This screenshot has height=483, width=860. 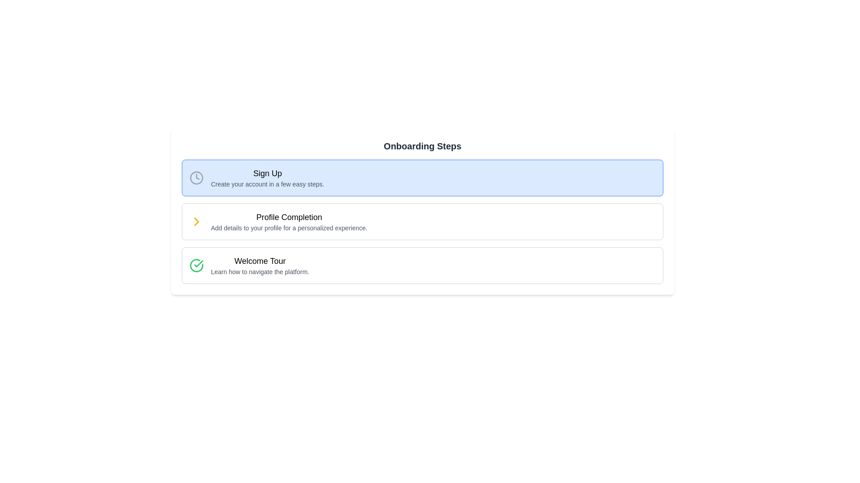 What do you see at coordinates (267, 174) in the screenshot?
I see `the TextLabel that serves as a section header for the multi-step onboarding process, located in the upper-left portion of its bordered rectangular section` at bounding box center [267, 174].